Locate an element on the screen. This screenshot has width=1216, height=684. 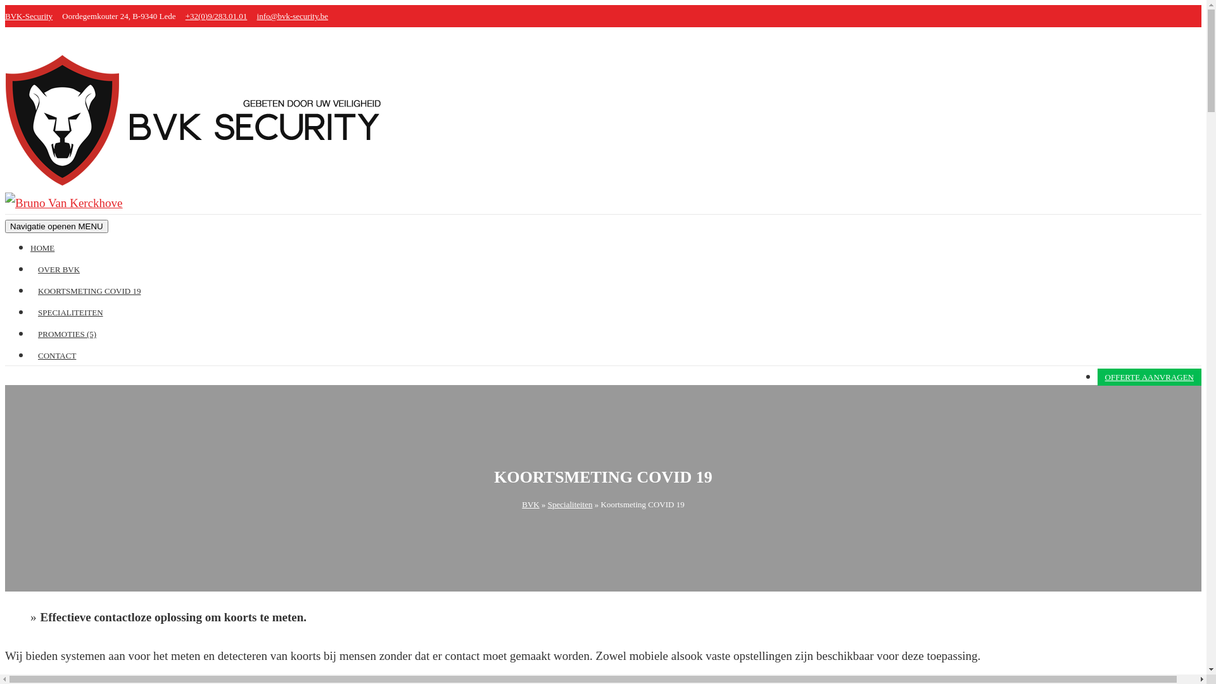
'+32(0)9/283.01.01' is located at coordinates (216, 16).